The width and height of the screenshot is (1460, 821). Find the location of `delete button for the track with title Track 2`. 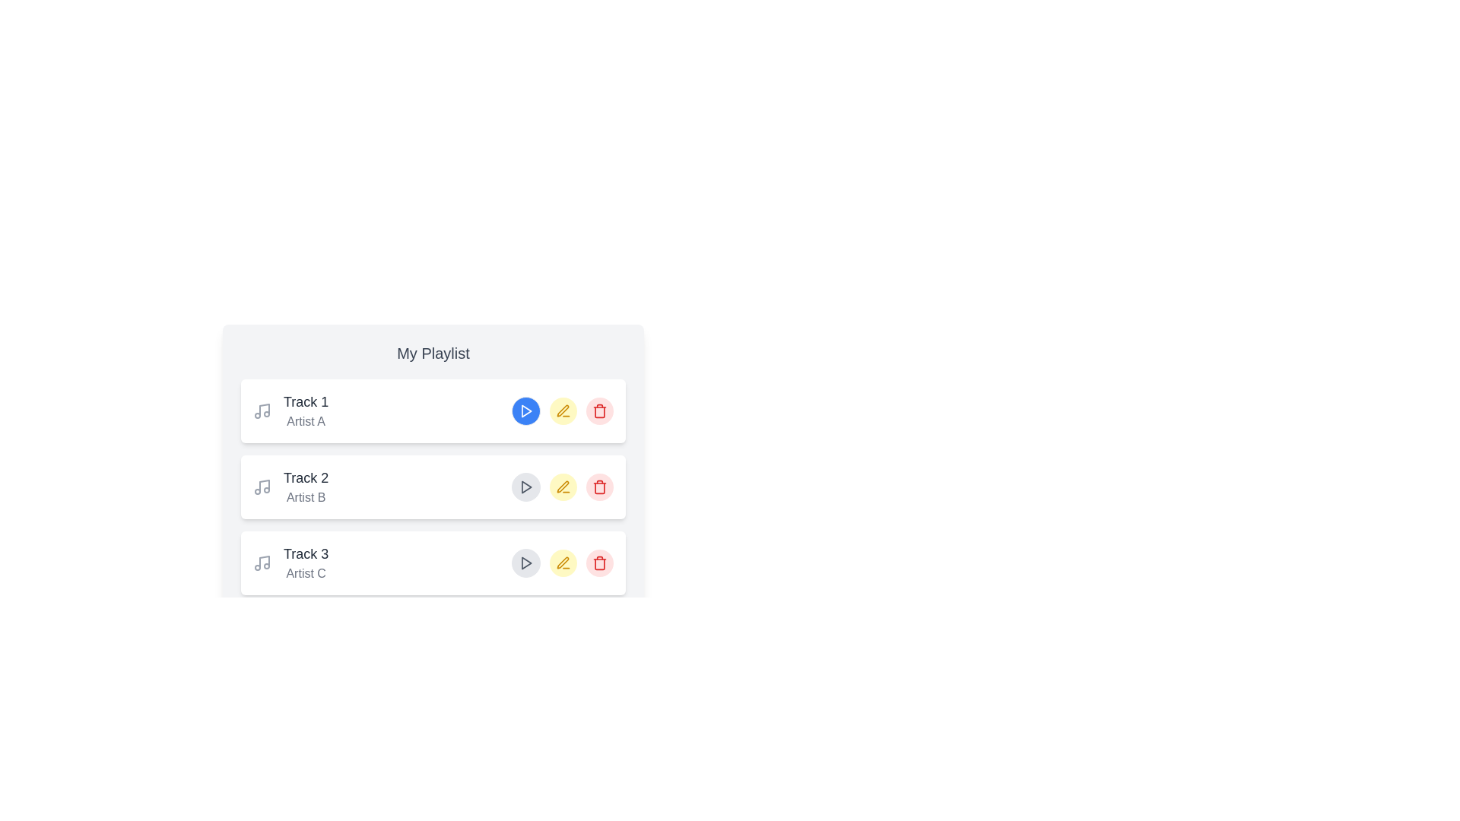

delete button for the track with title Track 2 is located at coordinates (598, 487).